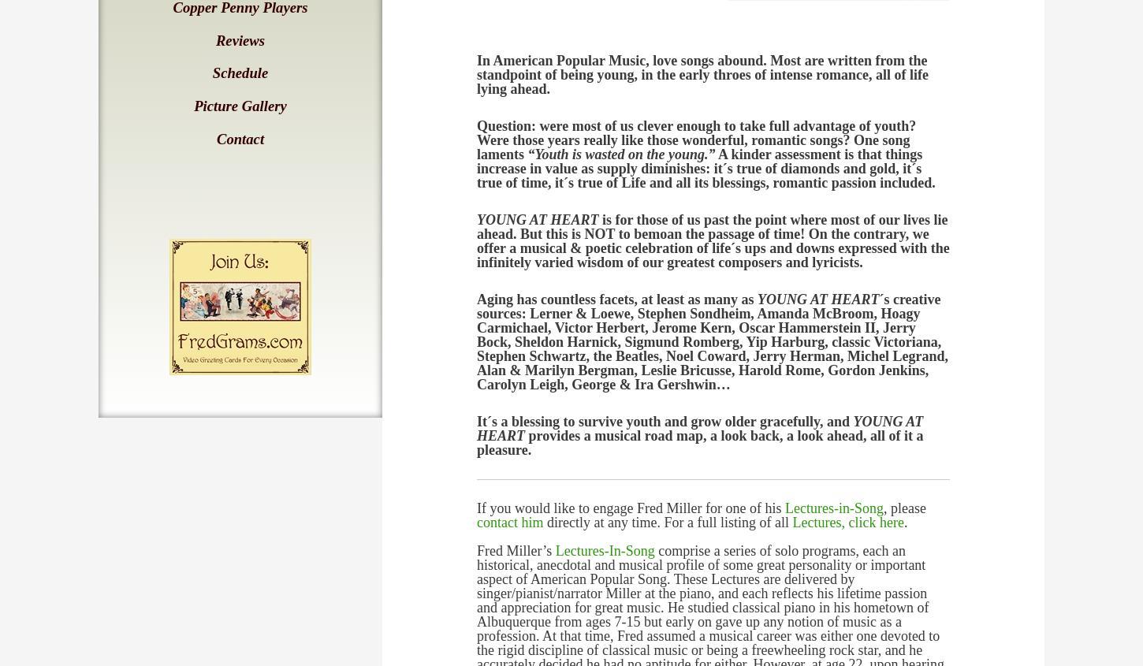  What do you see at coordinates (904, 522) in the screenshot?
I see `'.'` at bounding box center [904, 522].